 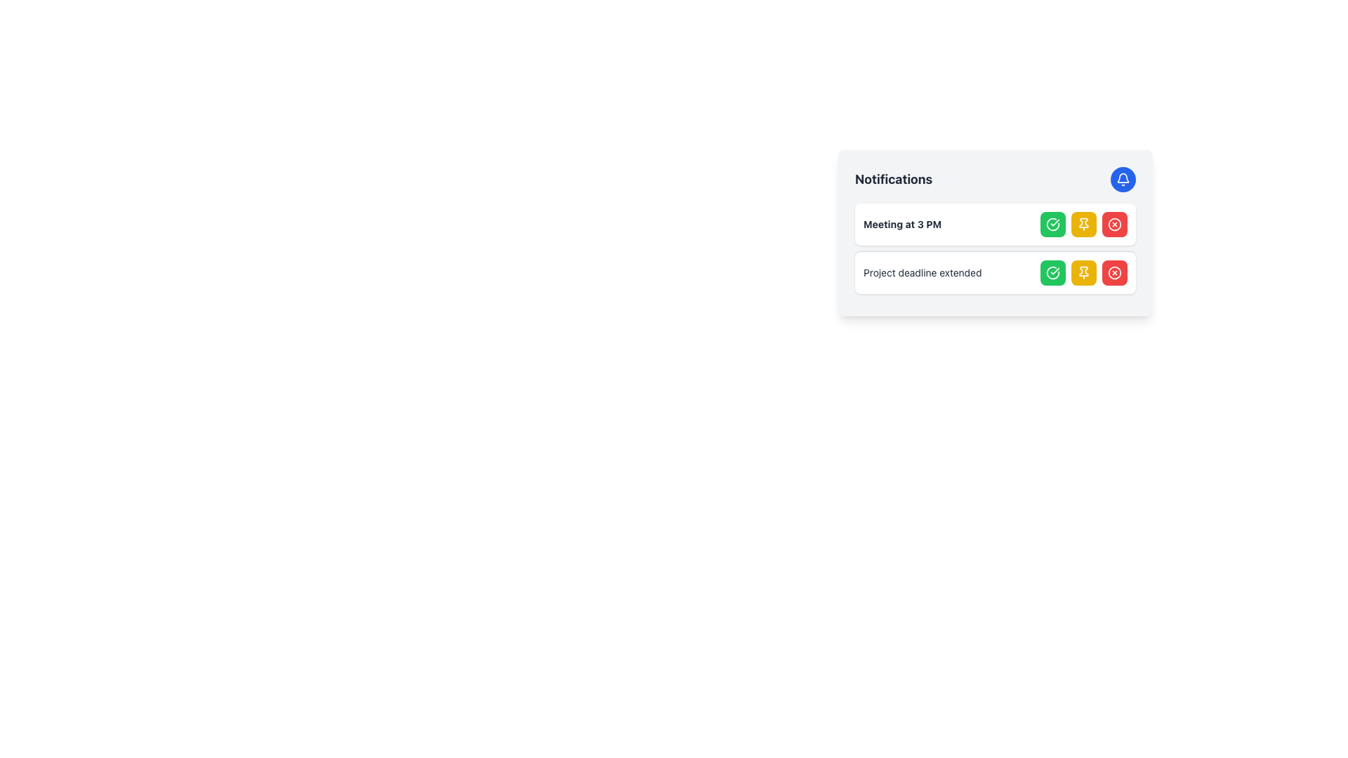 What do you see at coordinates (1052, 273) in the screenshot?
I see `the approval button located in the second notification row of the 'Notifications' card to mark the notification as completed` at bounding box center [1052, 273].